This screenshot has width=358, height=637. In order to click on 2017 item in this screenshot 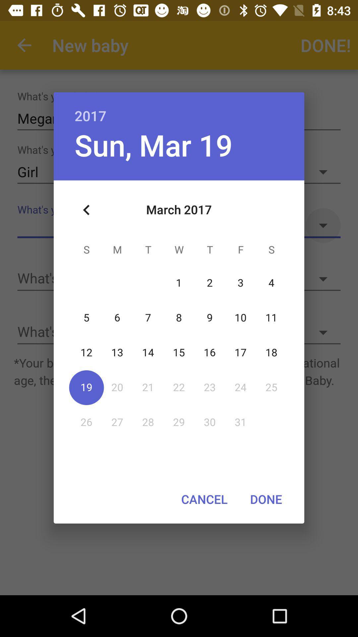, I will do `click(179, 108)`.